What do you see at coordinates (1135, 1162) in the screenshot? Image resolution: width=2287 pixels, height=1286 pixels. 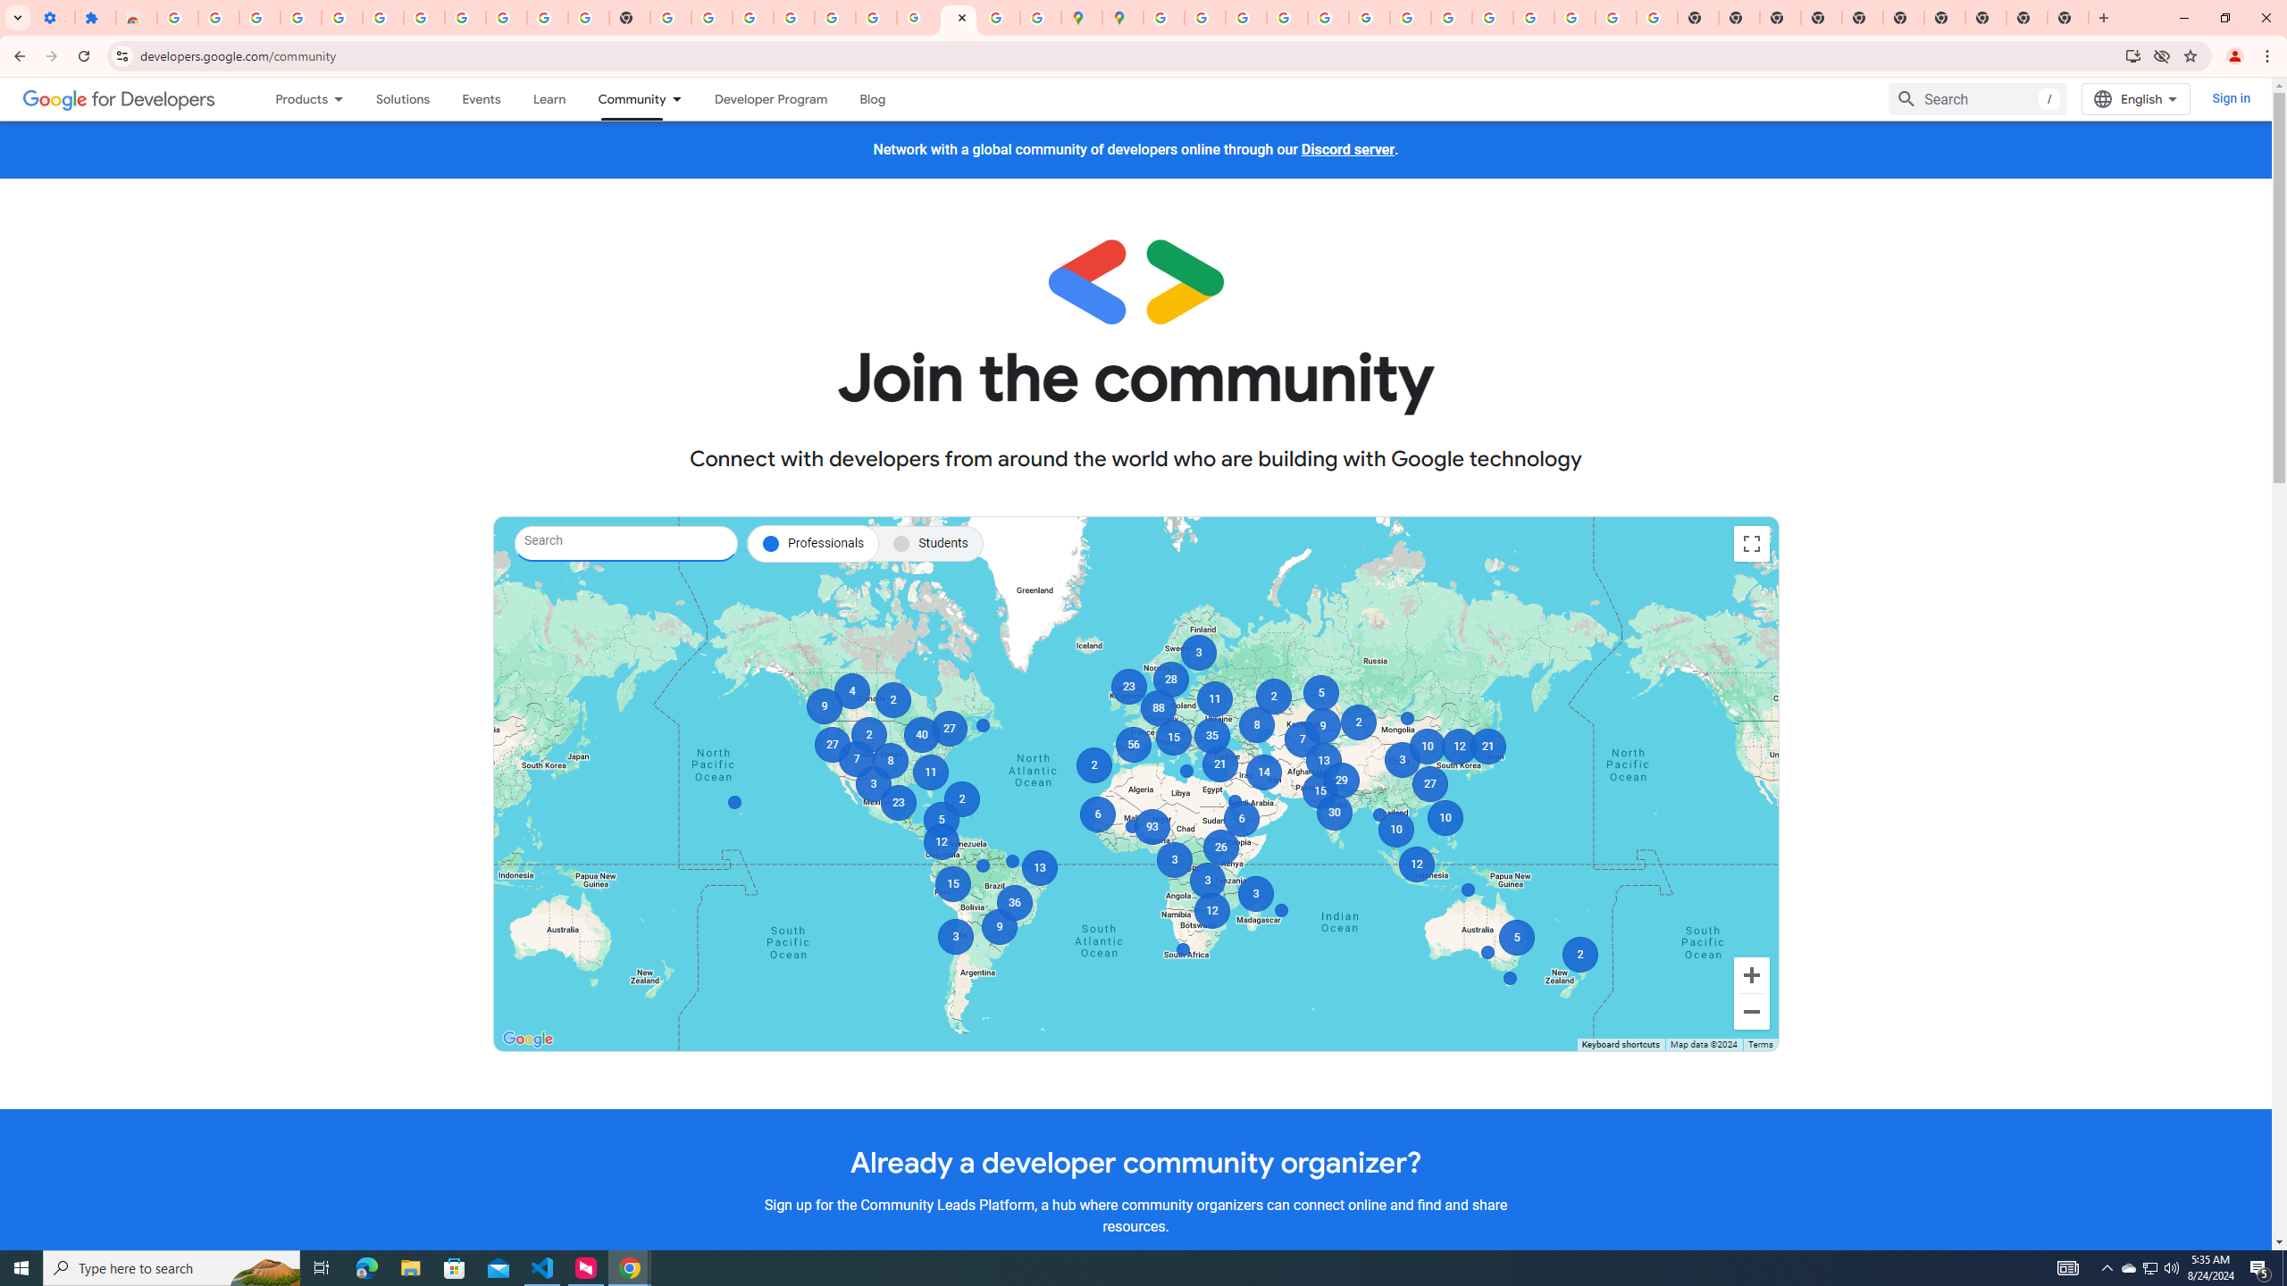 I see `'Already a developer community organizer?'` at bounding box center [1135, 1162].